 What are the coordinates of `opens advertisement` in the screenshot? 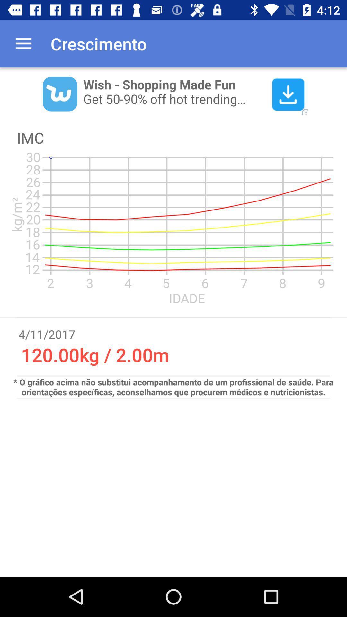 It's located at (173, 93).